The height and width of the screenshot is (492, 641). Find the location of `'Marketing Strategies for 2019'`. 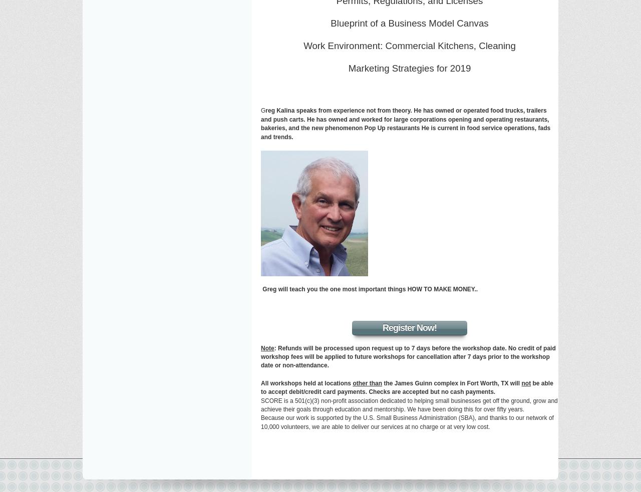

'Marketing Strategies for 2019' is located at coordinates (409, 68).